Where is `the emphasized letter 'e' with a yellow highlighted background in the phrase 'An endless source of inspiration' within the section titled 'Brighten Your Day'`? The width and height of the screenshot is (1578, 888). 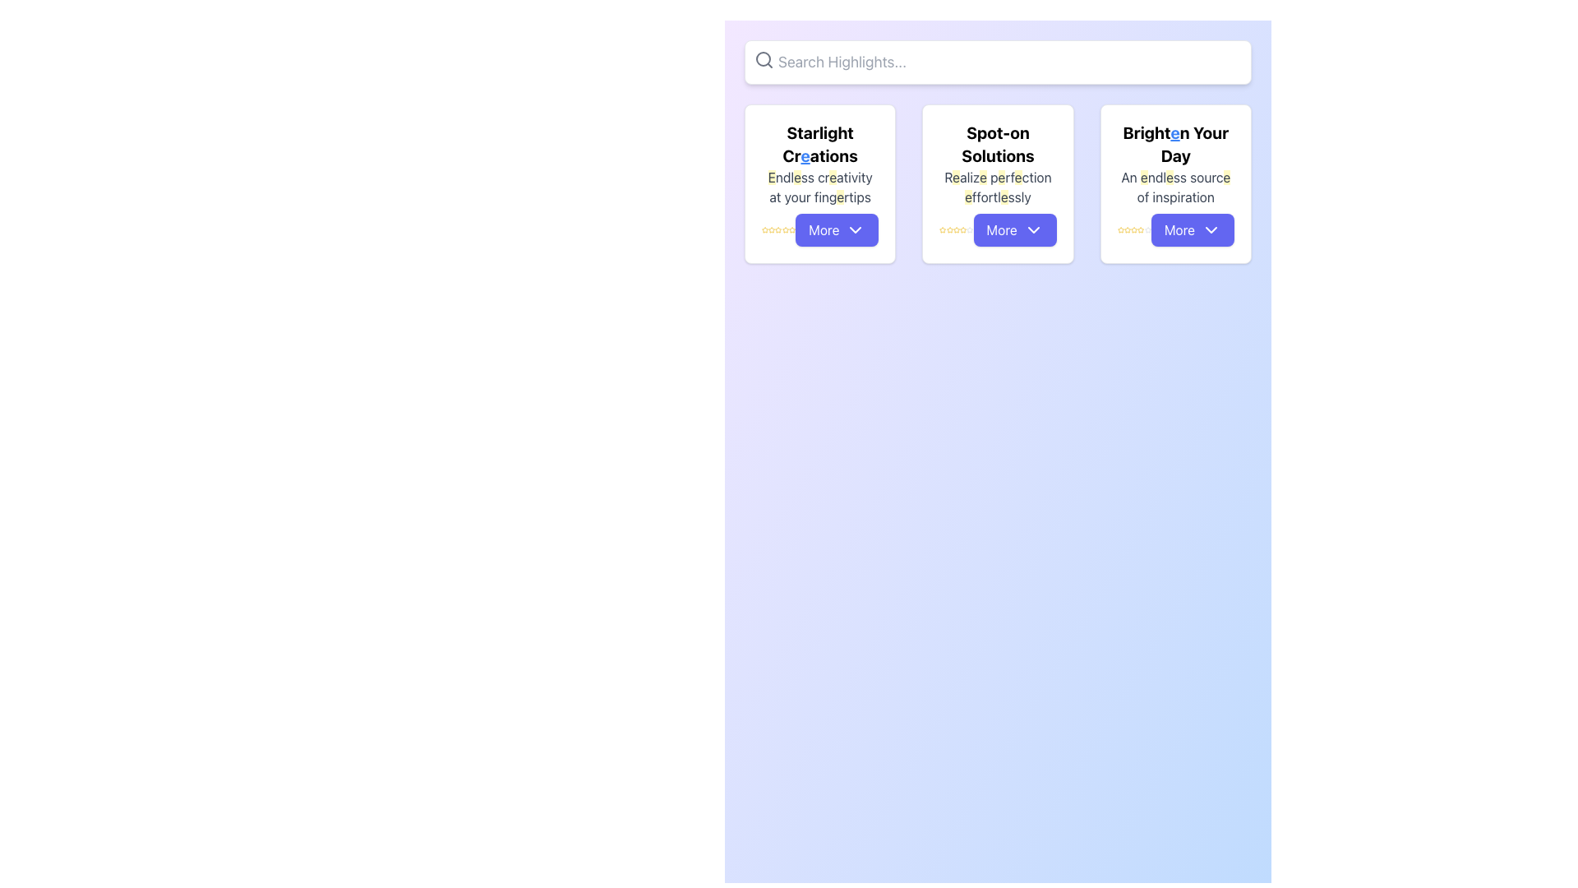 the emphasized letter 'e' with a yellow highlighted background in the phrase 'An endless source of inspiration' within the section titled 'Brighten Your Day' is located at coordinates (1169, 178).